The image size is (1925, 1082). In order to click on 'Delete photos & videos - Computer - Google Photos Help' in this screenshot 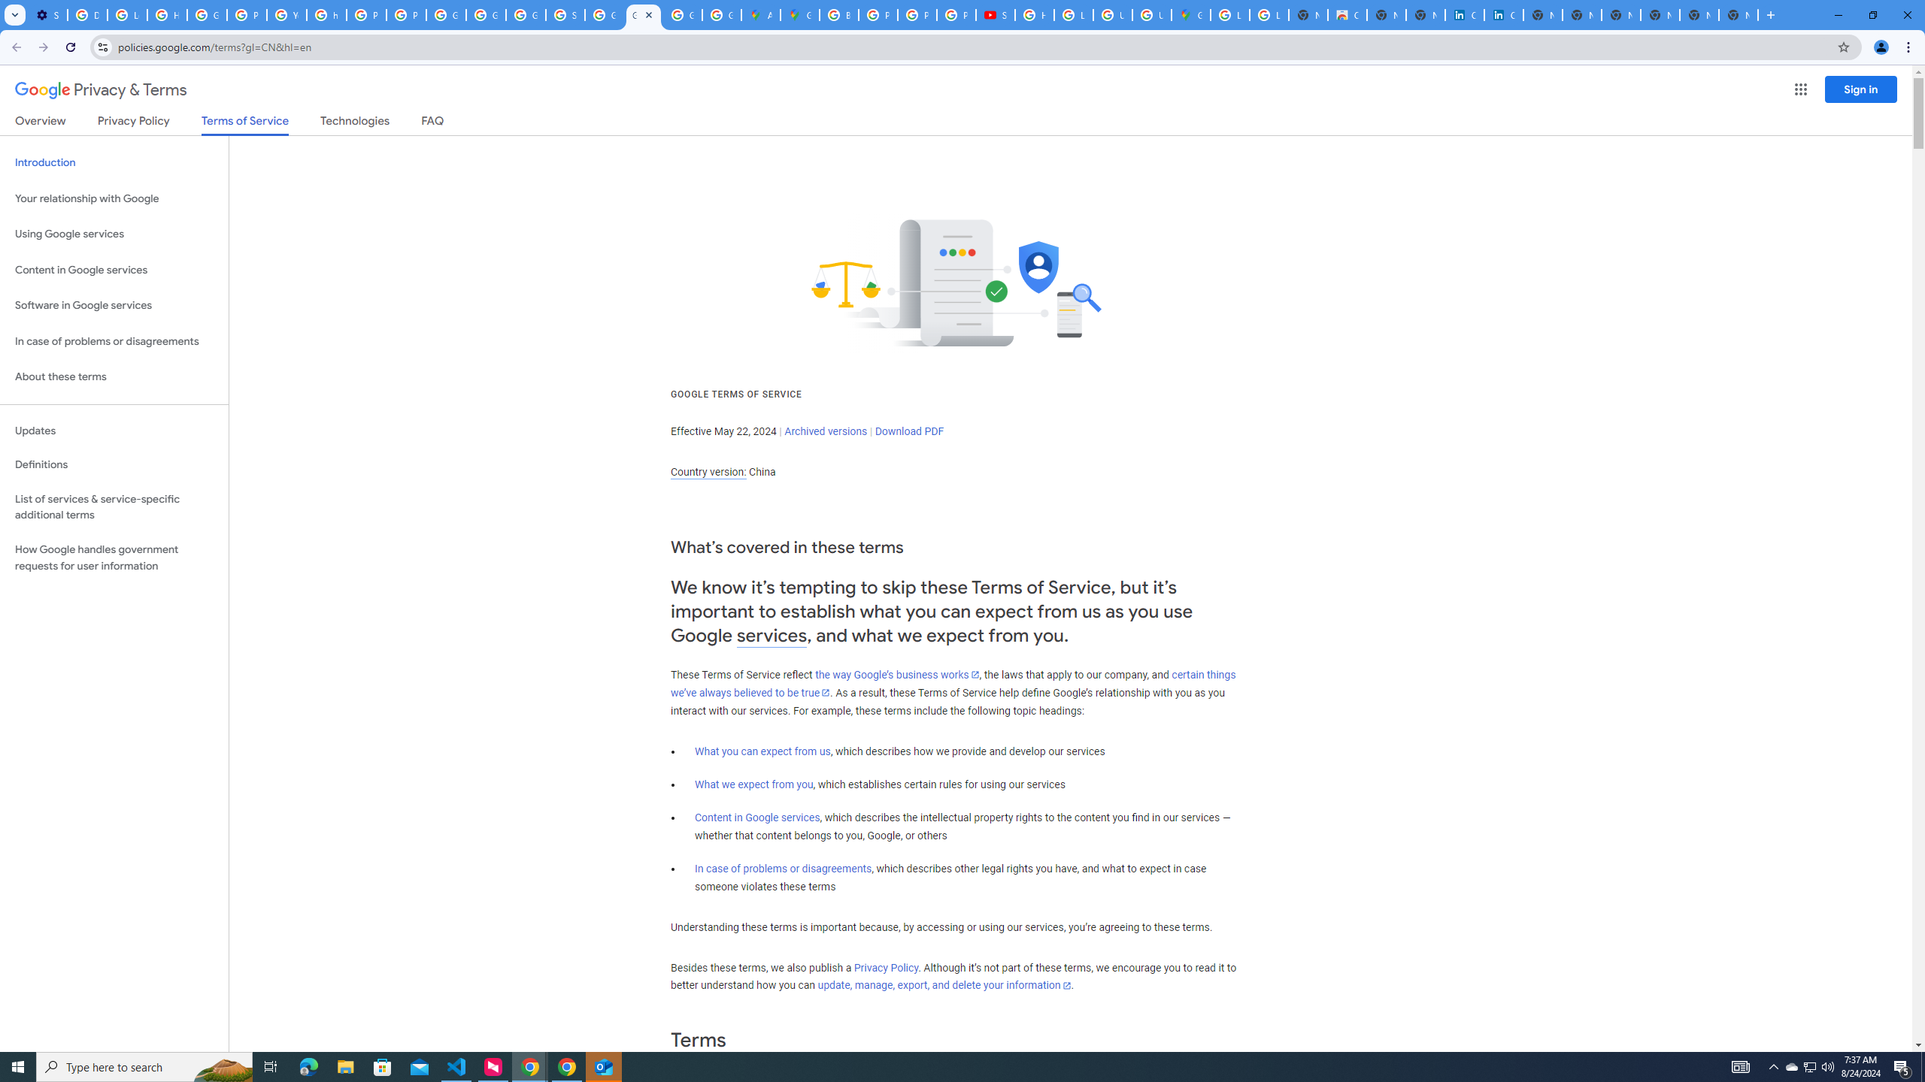, I will do `click(86, 14)`.